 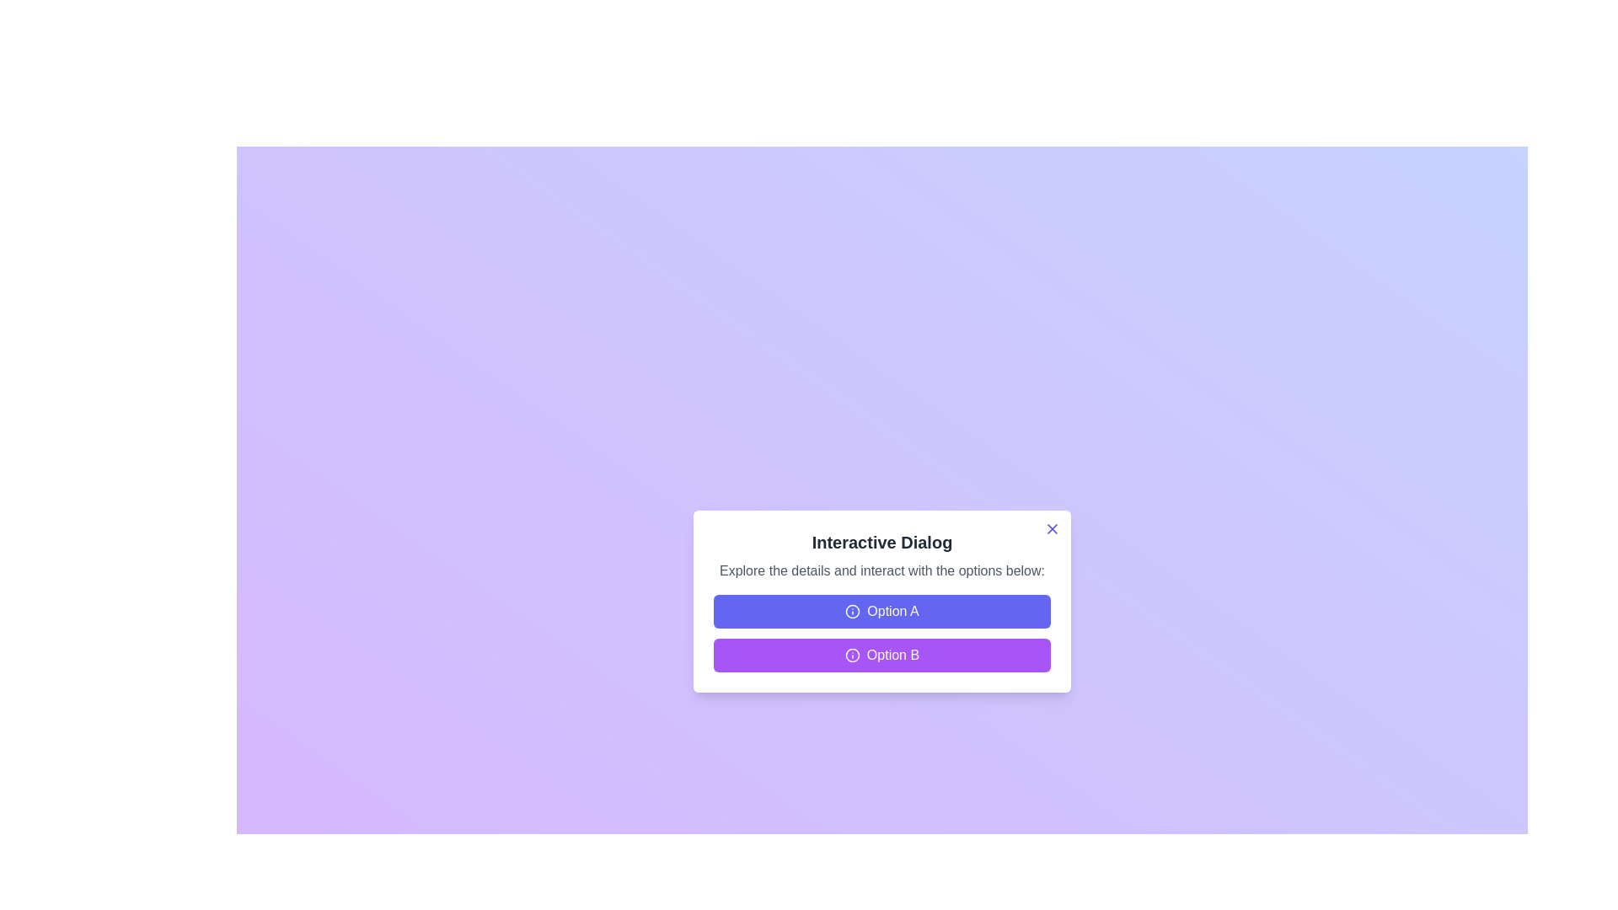 What do you see at coordinates (1051, 528) in the screenshot?
I see `close button (X) located at the top-right corner of the dialog` at bounding box center [1051, 528].